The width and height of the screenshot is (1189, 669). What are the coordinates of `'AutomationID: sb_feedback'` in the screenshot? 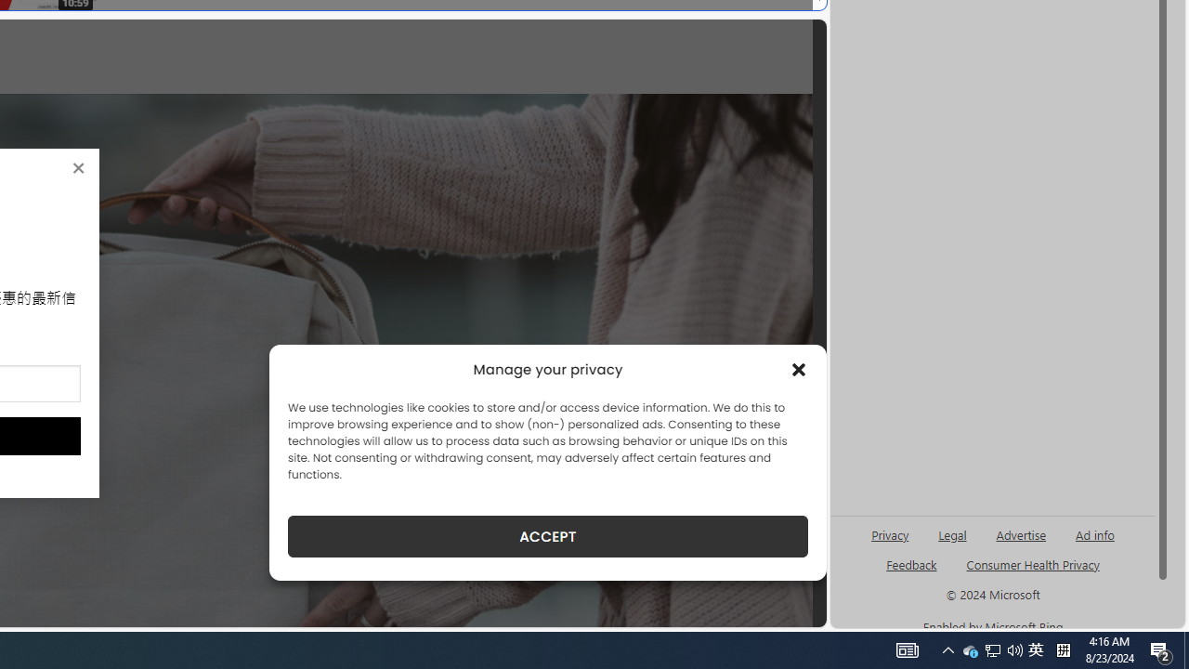 It's located at (911, 563).